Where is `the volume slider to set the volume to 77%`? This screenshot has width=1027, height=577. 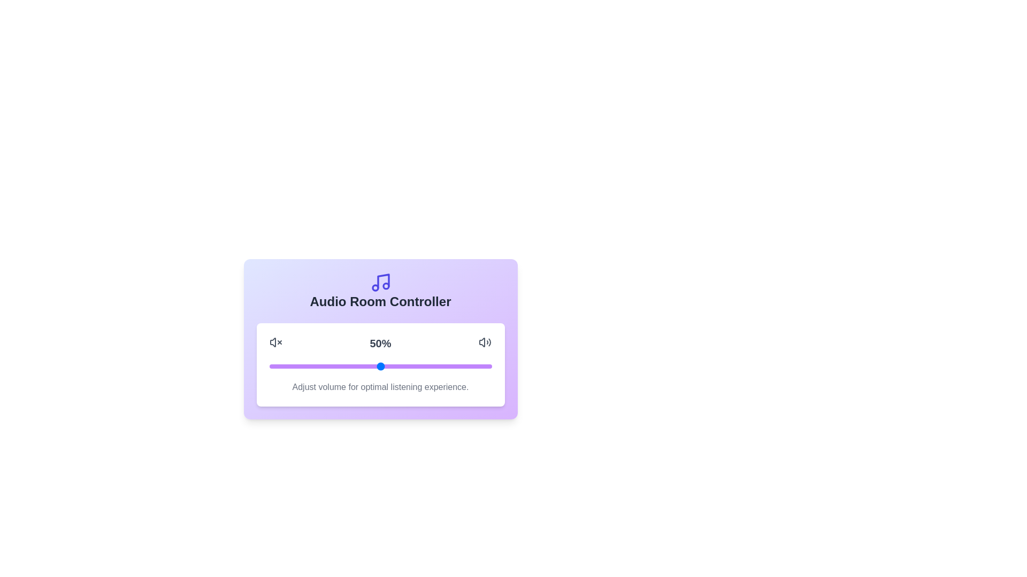
the volume slider to set the volume to 77% is located at coordinates (440, 366).